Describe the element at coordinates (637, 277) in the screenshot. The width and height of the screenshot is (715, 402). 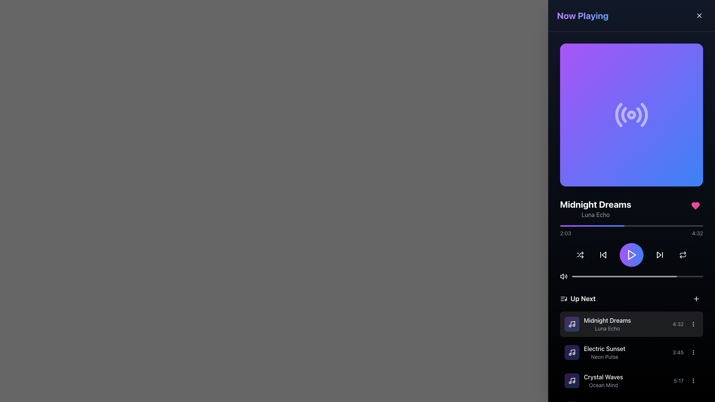
I see `the progress bar located below the song title and above the playback control buttons to seek to a specific position` at that location.